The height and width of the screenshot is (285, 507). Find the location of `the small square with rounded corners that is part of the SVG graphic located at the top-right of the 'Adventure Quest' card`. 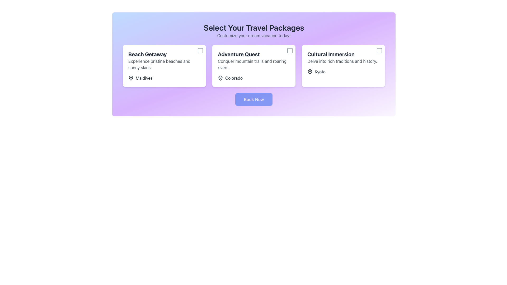

the small square with rounded corners that is part of the SVG graphic located at the top-right of the 'Adventure Quest' card is located at coordinates (290, 51).